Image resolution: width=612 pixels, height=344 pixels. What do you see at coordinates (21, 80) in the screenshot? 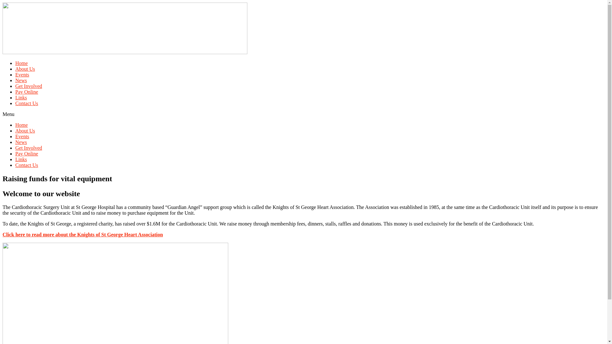
I see `'News'` at bounding box center [21, 80].